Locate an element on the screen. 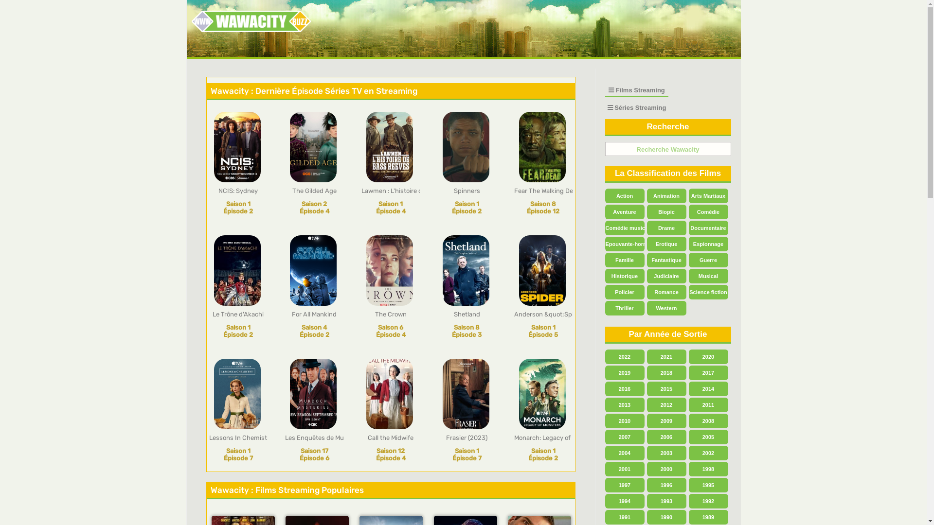 The image size is (934, 525). 'Biopic' is located at coordinates (666, 211).